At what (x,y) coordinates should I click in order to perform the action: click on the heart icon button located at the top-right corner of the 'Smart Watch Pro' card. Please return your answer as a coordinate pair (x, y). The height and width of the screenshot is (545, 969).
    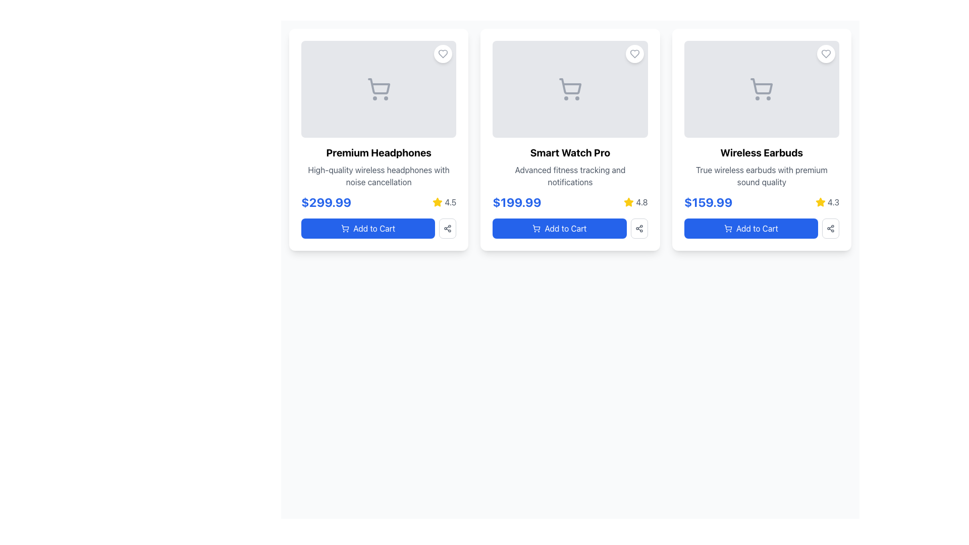
    Looking at the image, I should click on (634, 54).